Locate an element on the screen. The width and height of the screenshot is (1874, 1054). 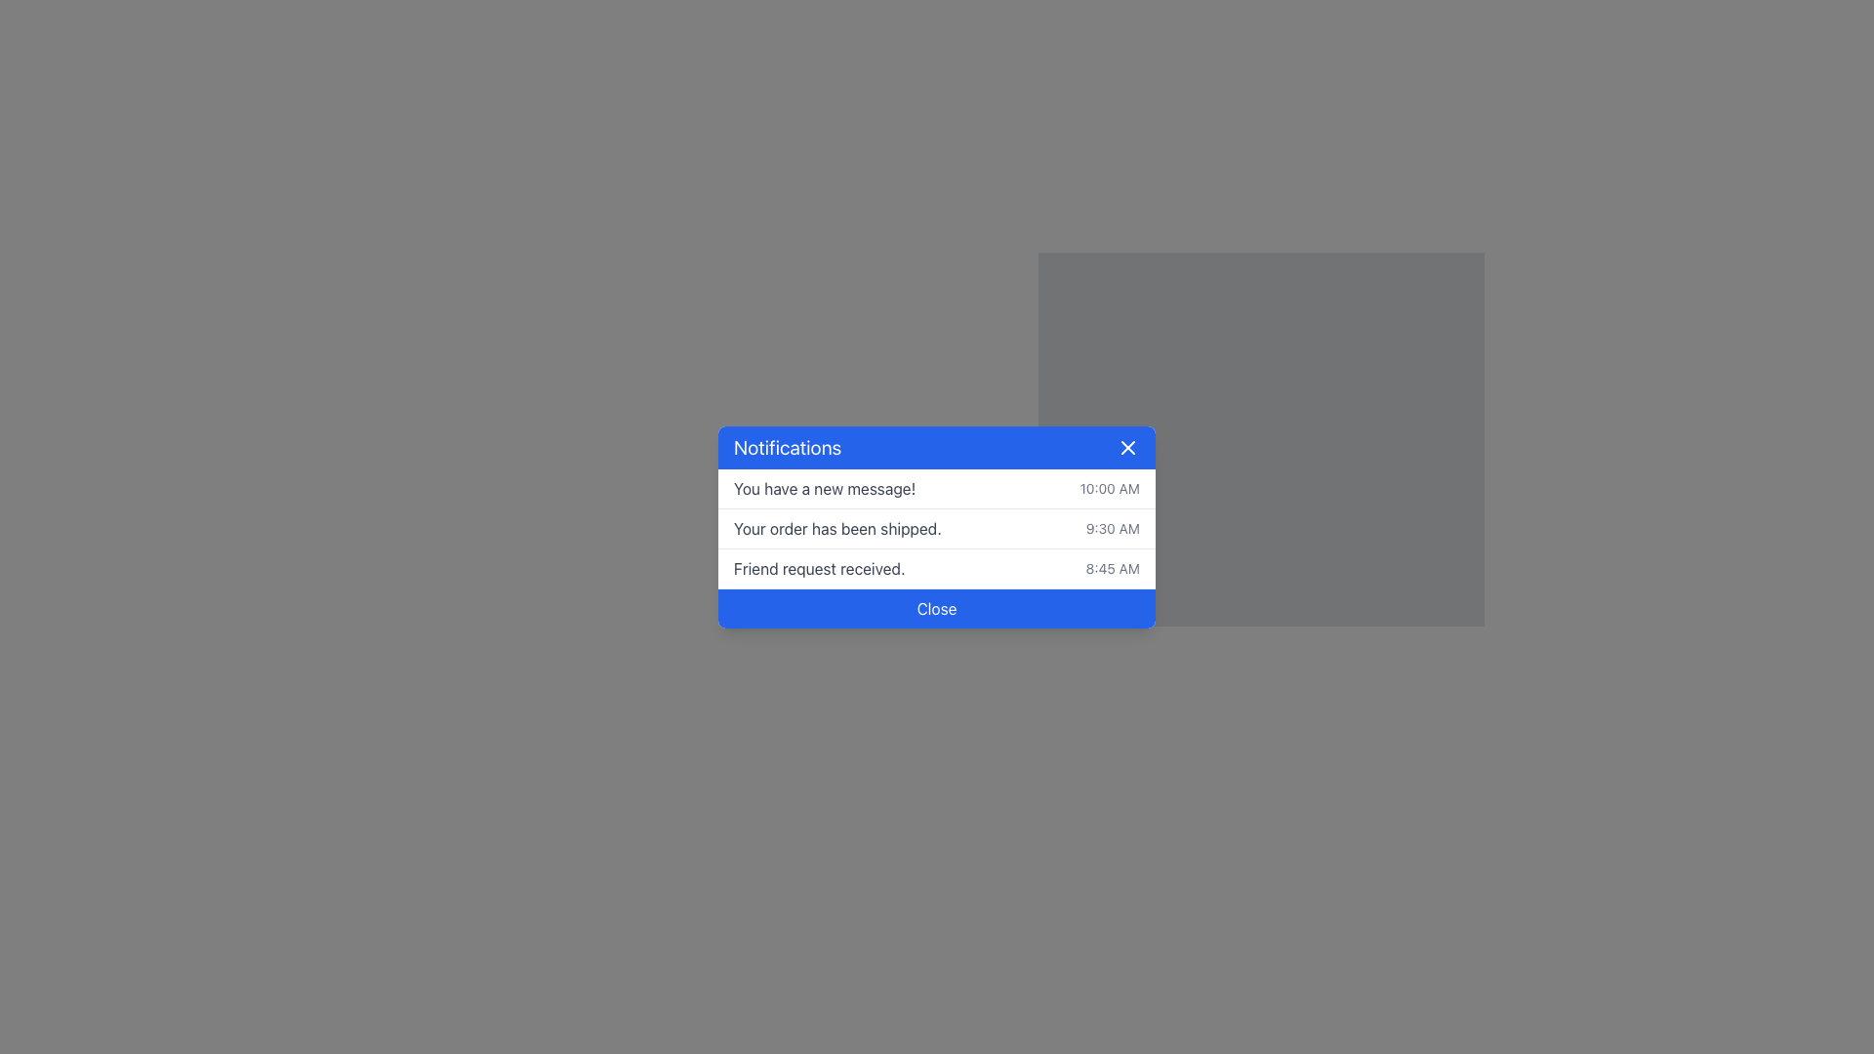
the Static Text displaying '10:00 AM' located in the first notification item of the blue notification panel, aligned to the right next to 'You have a new message!' is located at coordinates (1110, 487).